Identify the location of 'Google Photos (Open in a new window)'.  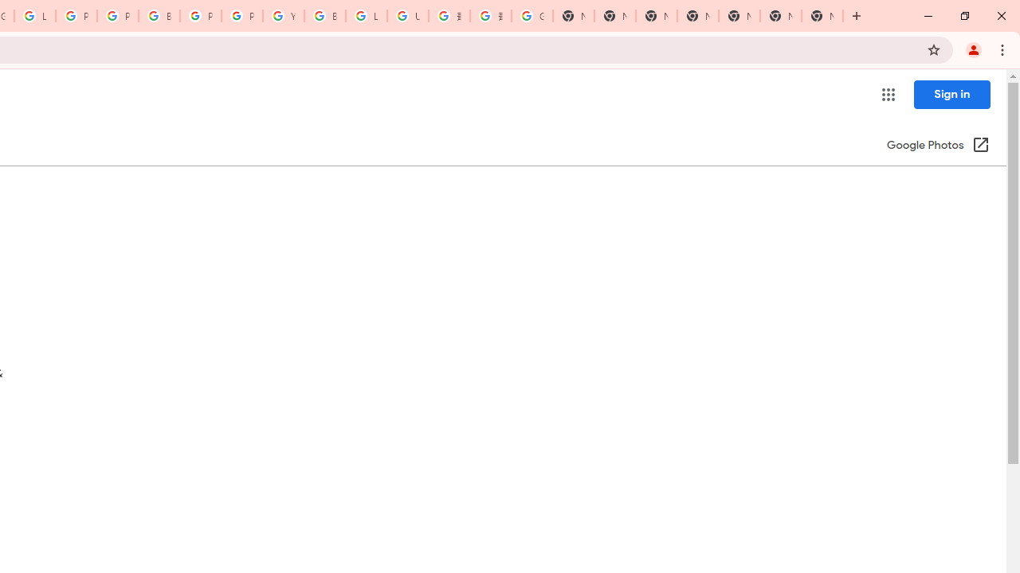
(938, 146).